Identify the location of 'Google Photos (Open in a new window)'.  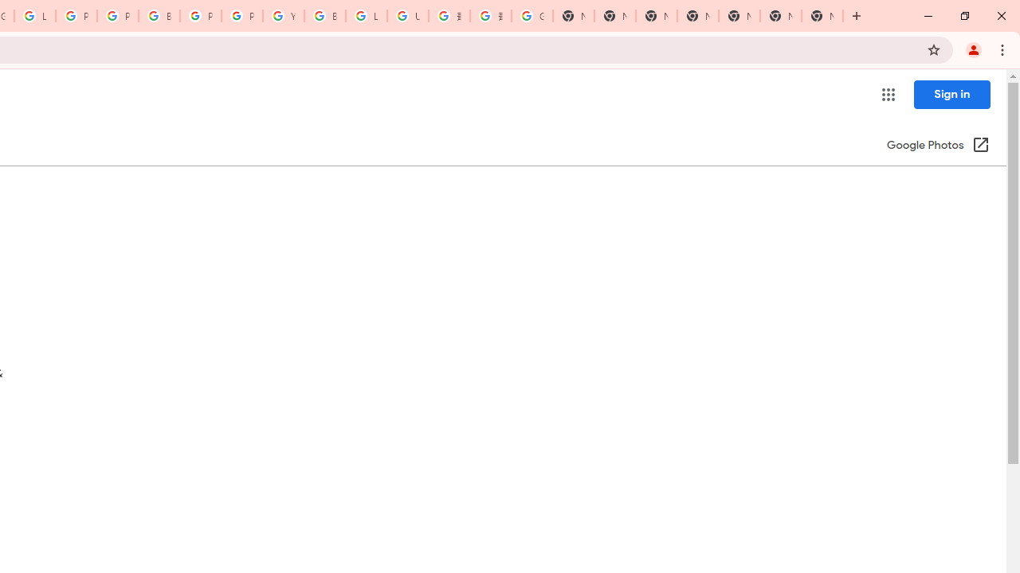
(938, 146).